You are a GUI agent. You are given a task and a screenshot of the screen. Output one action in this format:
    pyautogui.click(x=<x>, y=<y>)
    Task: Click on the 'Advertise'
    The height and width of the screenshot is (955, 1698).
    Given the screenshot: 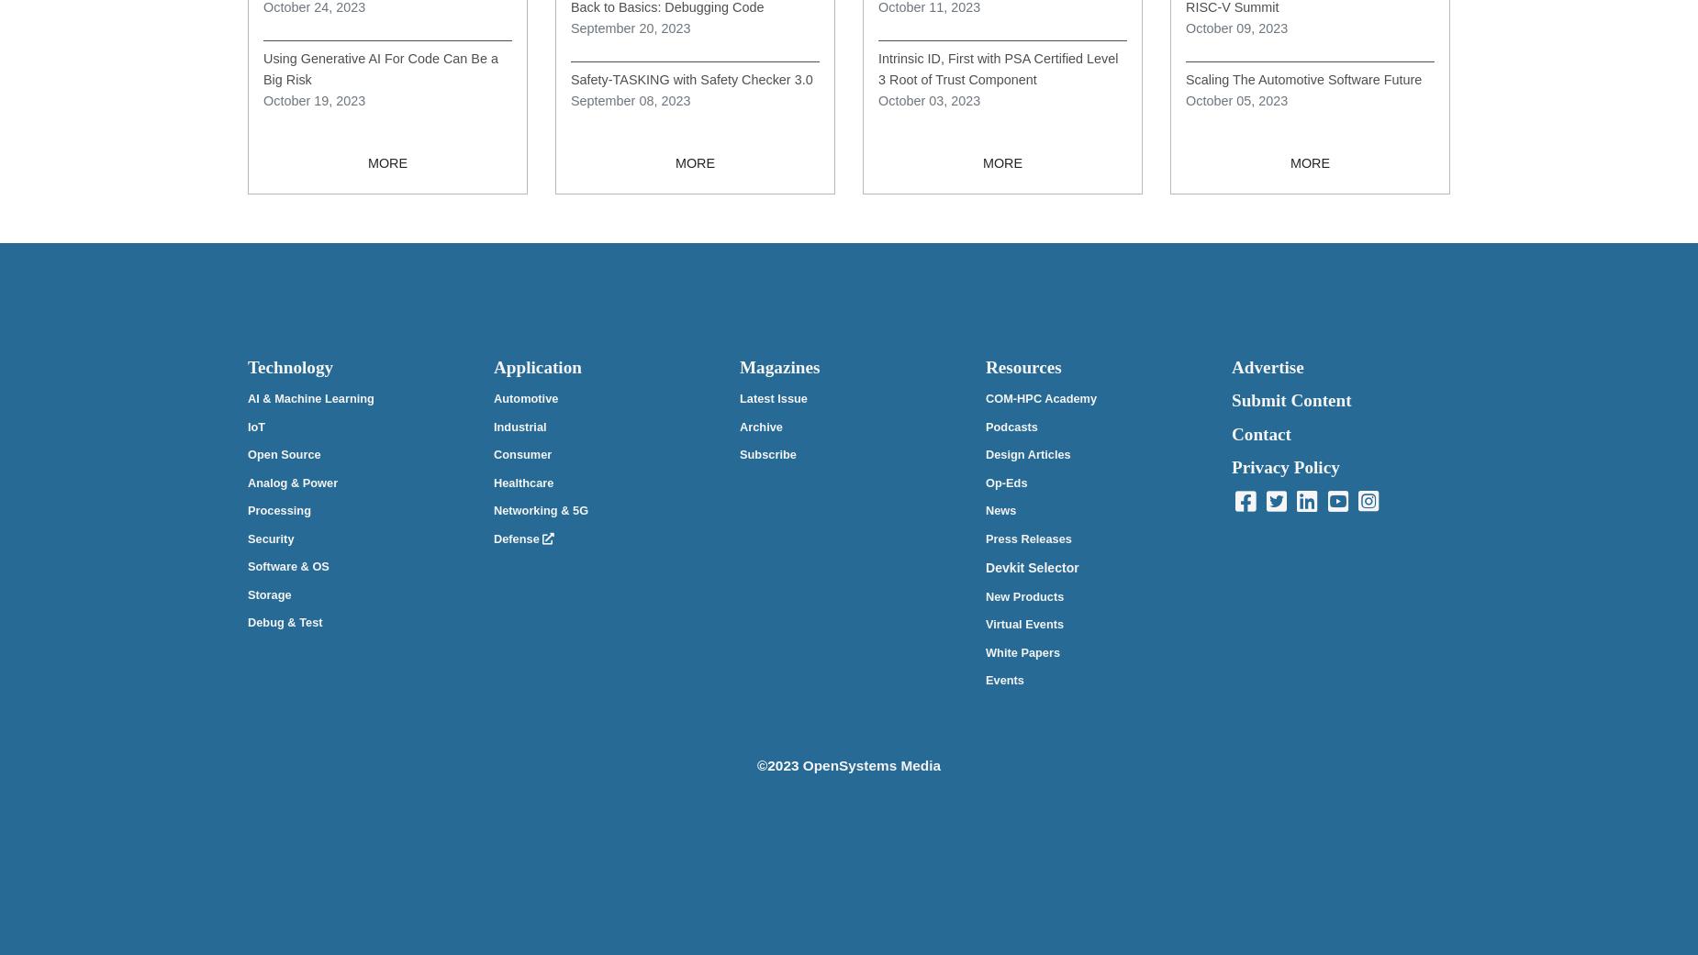 What is the action you would take?
    pyautogui.click(x=1267, y=367)
    